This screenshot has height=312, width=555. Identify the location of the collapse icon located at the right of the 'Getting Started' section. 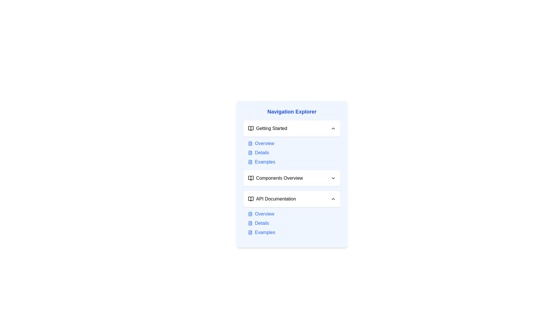
(333, 128).